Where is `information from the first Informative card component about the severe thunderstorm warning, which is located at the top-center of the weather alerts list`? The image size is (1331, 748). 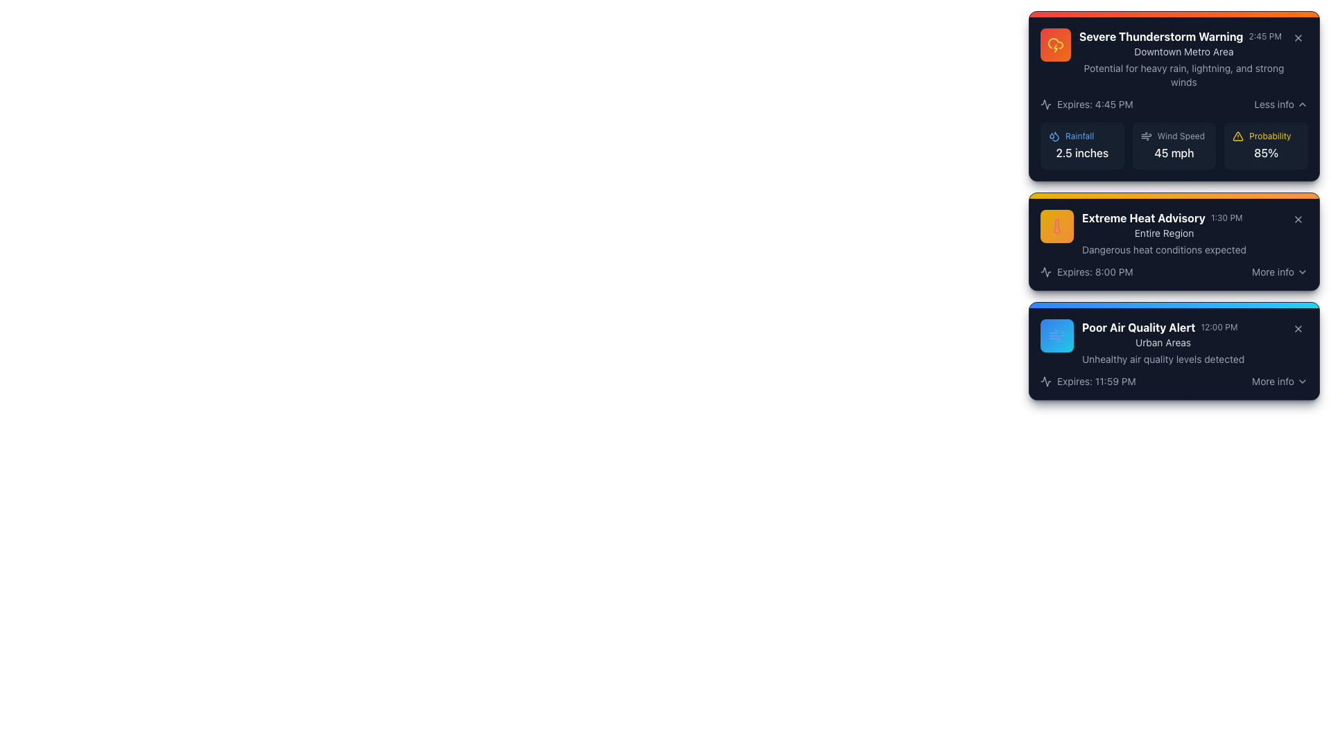 information from the first Informative card component about the severe thunderstorm warning, which is located at the top-center of the weather alerts list is located at coordinates (1183, 57).